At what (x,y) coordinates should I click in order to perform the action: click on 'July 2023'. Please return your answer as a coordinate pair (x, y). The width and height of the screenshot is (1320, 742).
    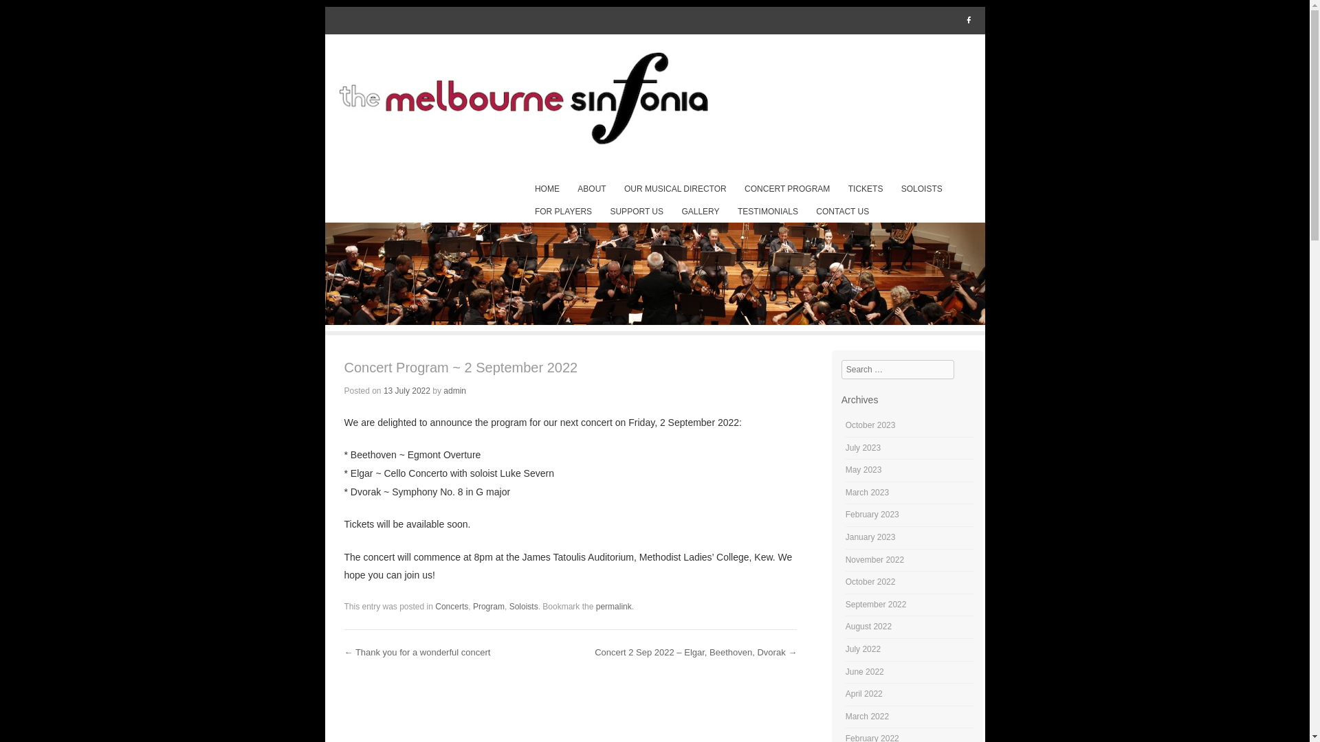
    Looking at the image, I should click on (862, 447).